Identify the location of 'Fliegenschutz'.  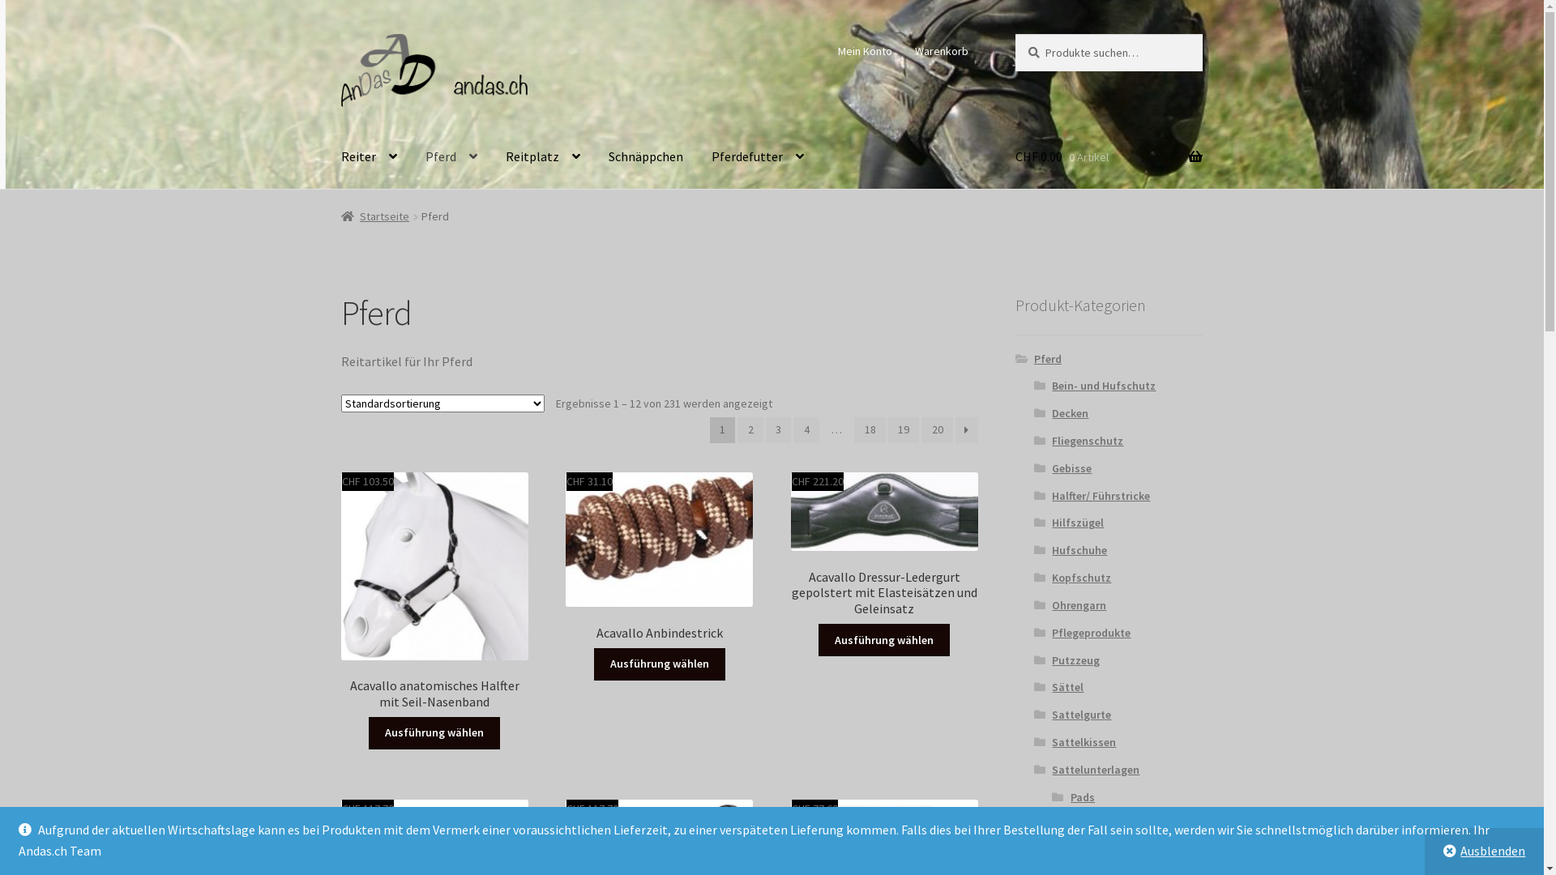
(1051, 440).